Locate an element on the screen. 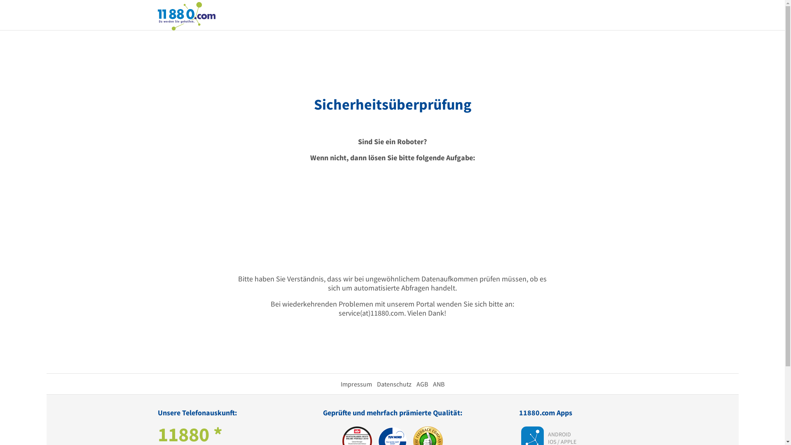  'ANB' is located at coordinates (432, 384).